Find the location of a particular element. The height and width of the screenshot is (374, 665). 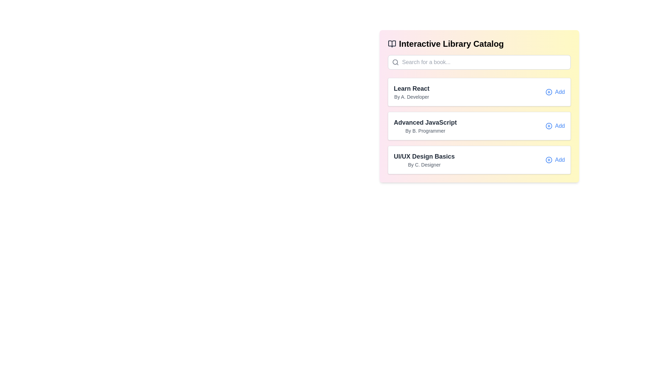

title of the book or course from the Text Label located in the lower third of the catalog interface, above the text 'By C. Designer' is located at coordinates (424, 156).